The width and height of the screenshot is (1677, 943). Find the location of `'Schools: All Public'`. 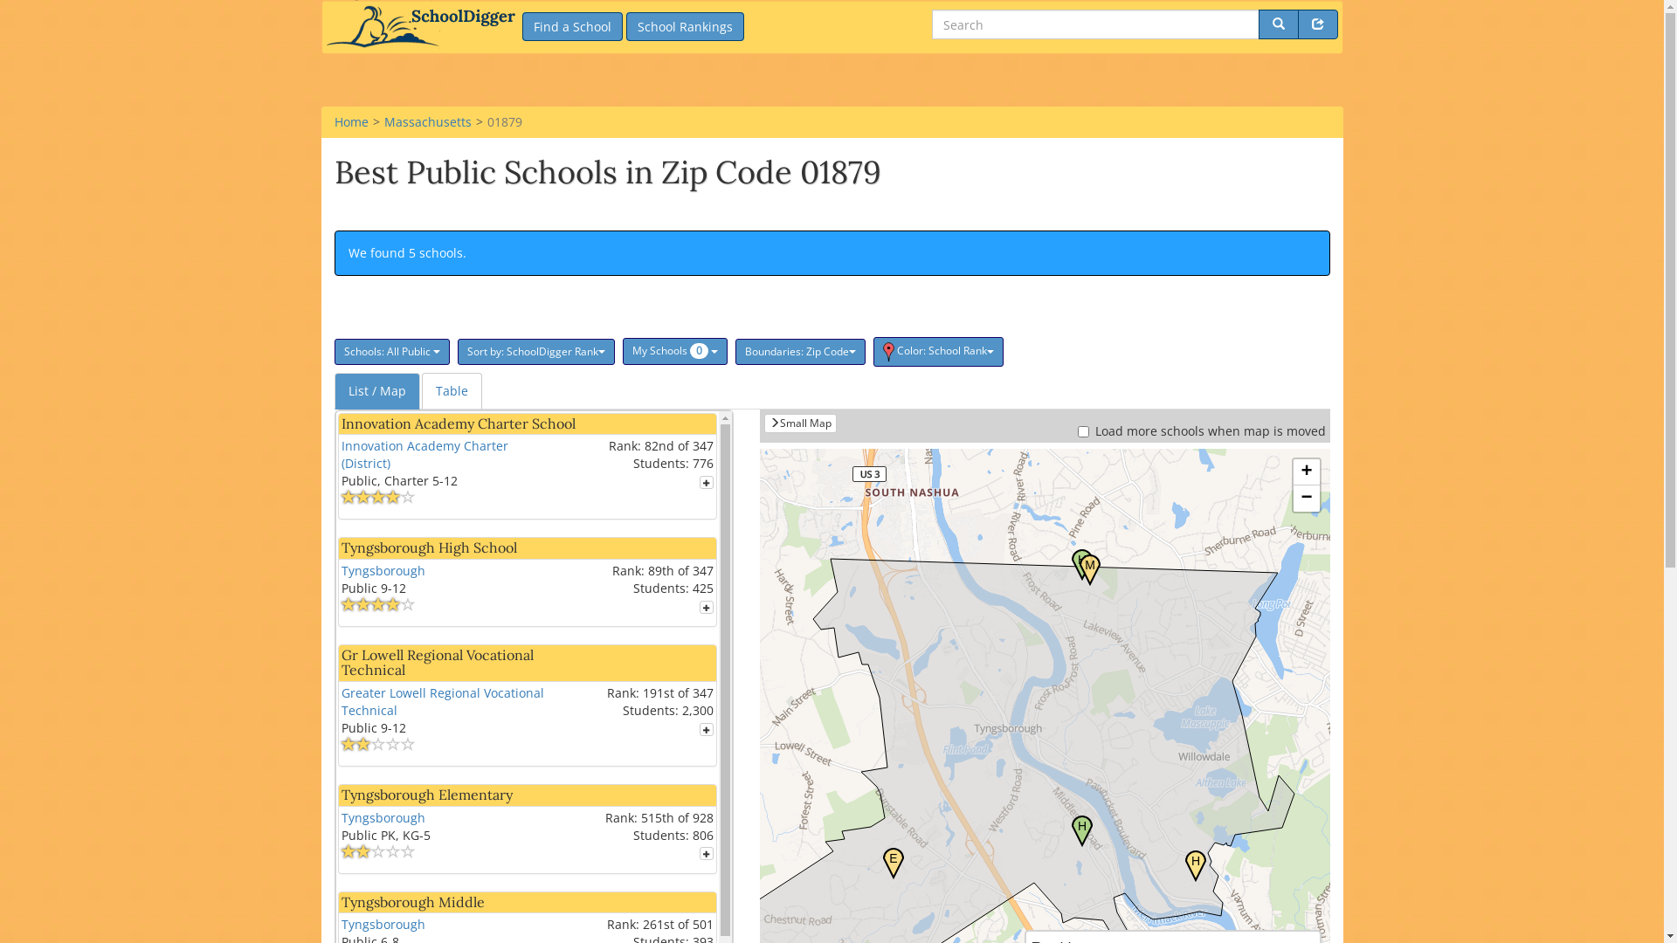

'Schools: All Public' is located at coordinates (390, 351).